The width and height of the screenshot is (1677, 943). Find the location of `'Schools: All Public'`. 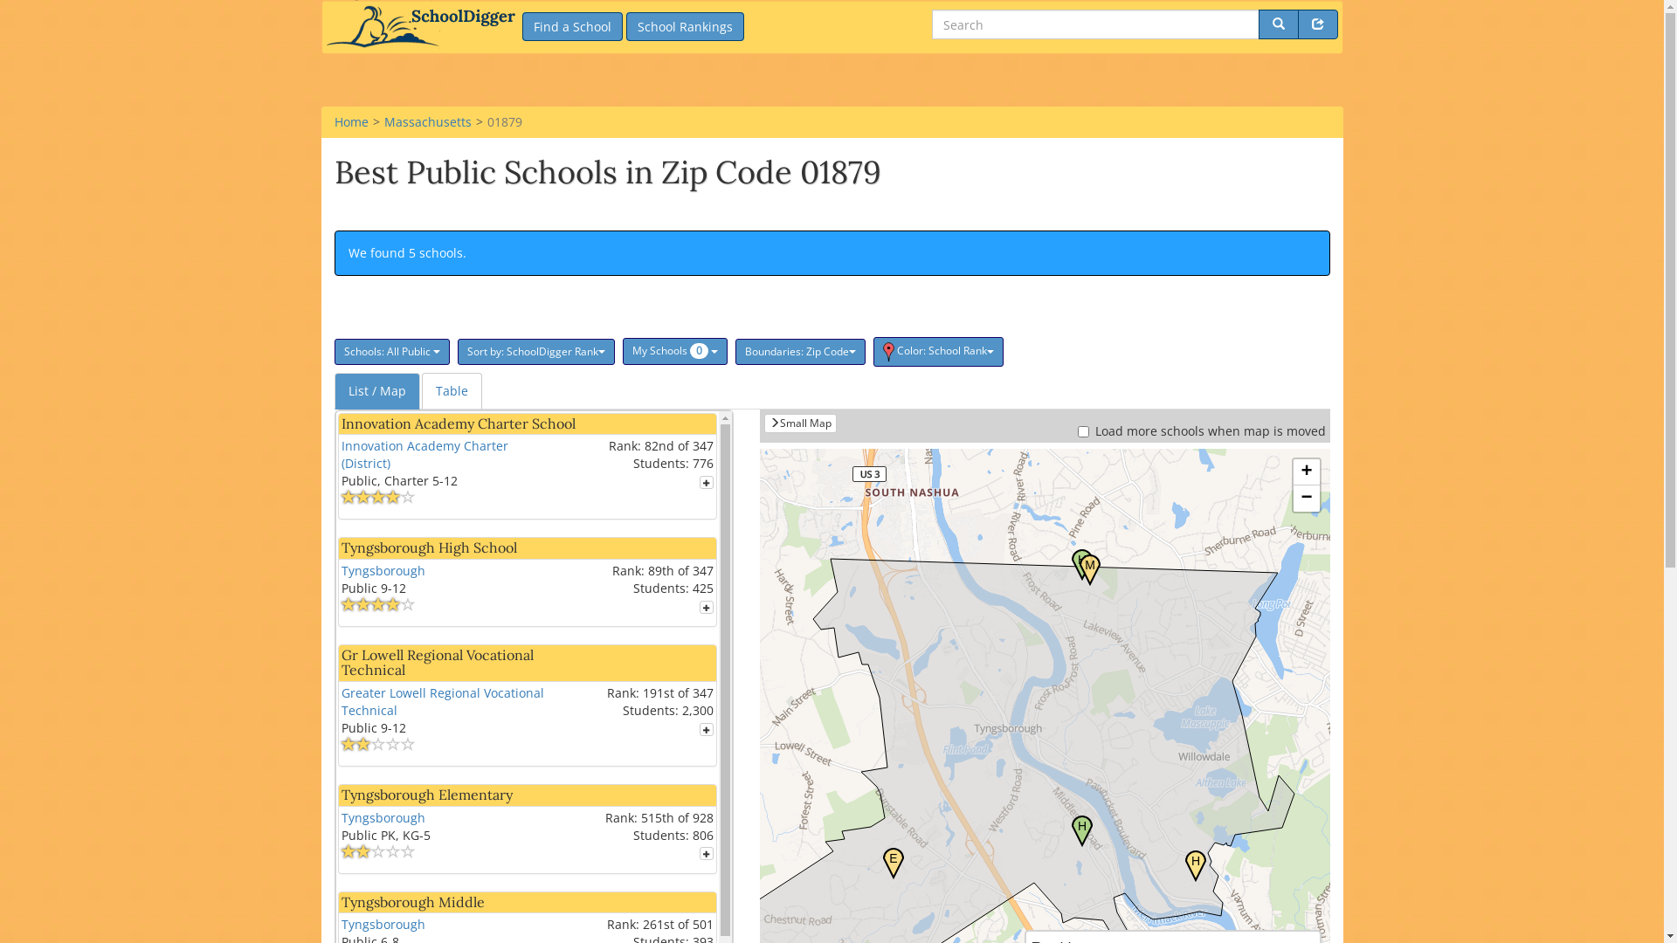

'Schools: All Public' is located at coordinates (390, 351).